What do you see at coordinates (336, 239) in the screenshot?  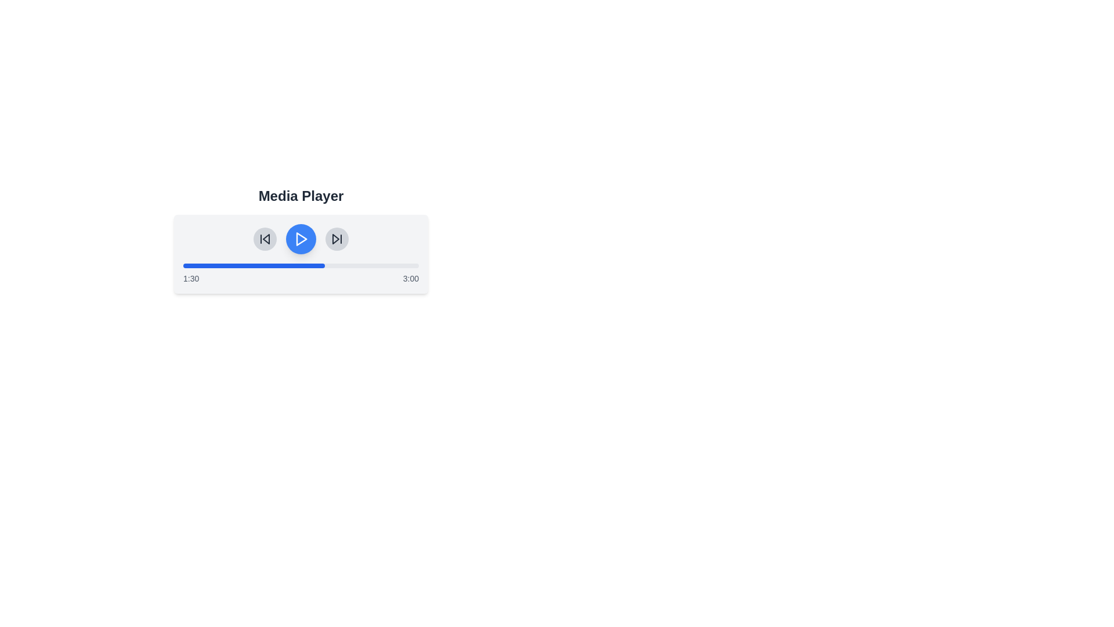 I see `the rightmost circular button with a gray background and skip-forward icon in the media player interface for a visual highlight effect` at bounding box center [336, 239].